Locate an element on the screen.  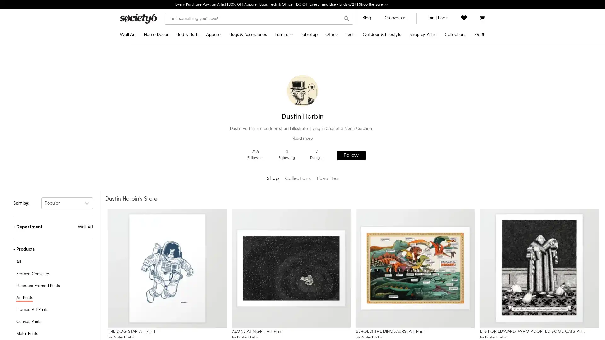
Serving Trays is located at coordinates (320, 142).